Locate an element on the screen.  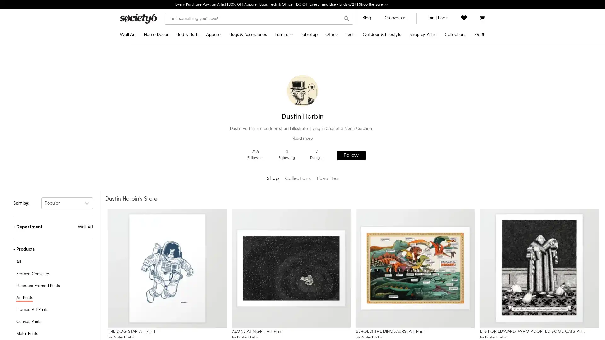
Serving Trays is located at coordinates (320, 142).